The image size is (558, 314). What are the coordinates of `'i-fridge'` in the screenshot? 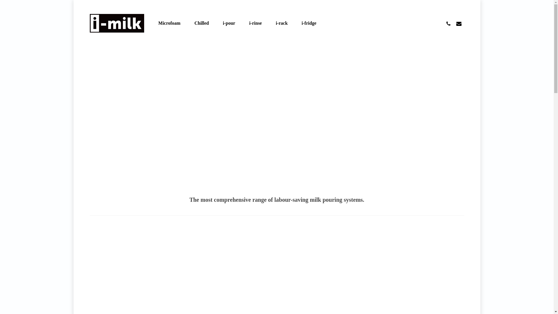 It's located at (309, 23).